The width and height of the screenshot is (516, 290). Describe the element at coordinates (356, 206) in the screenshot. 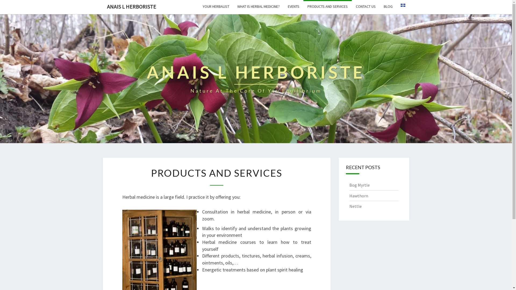

I see `'Nettle'` at that location.